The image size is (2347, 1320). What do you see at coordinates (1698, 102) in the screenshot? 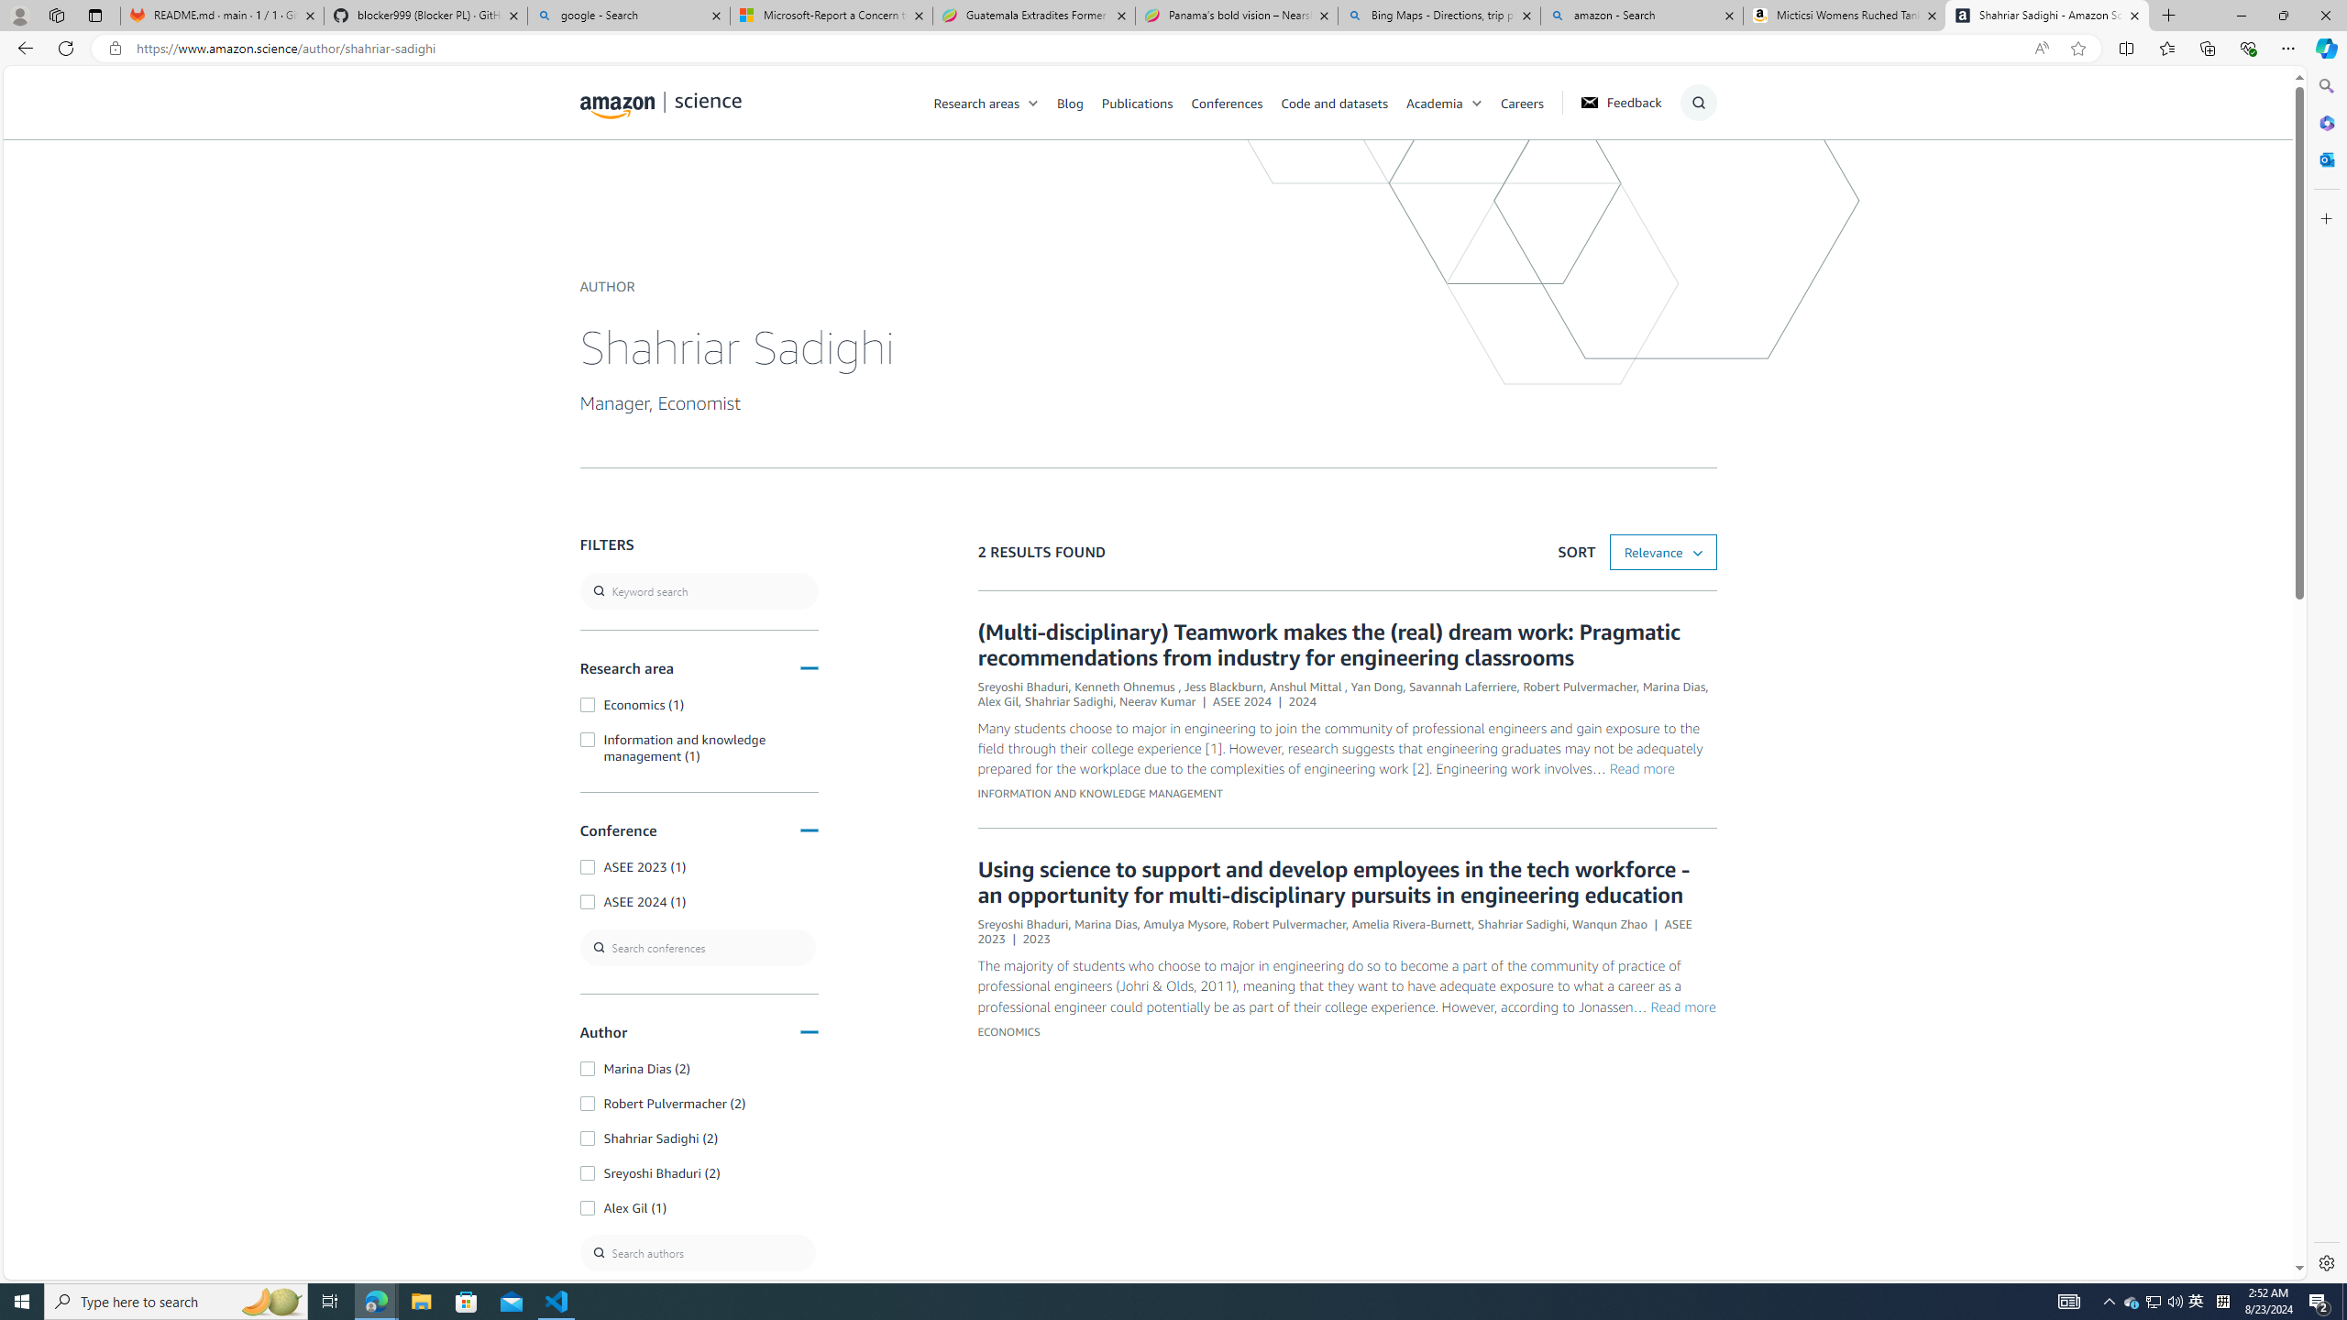
I see `'Show Search Form'` at bounding box center [1698, 102].